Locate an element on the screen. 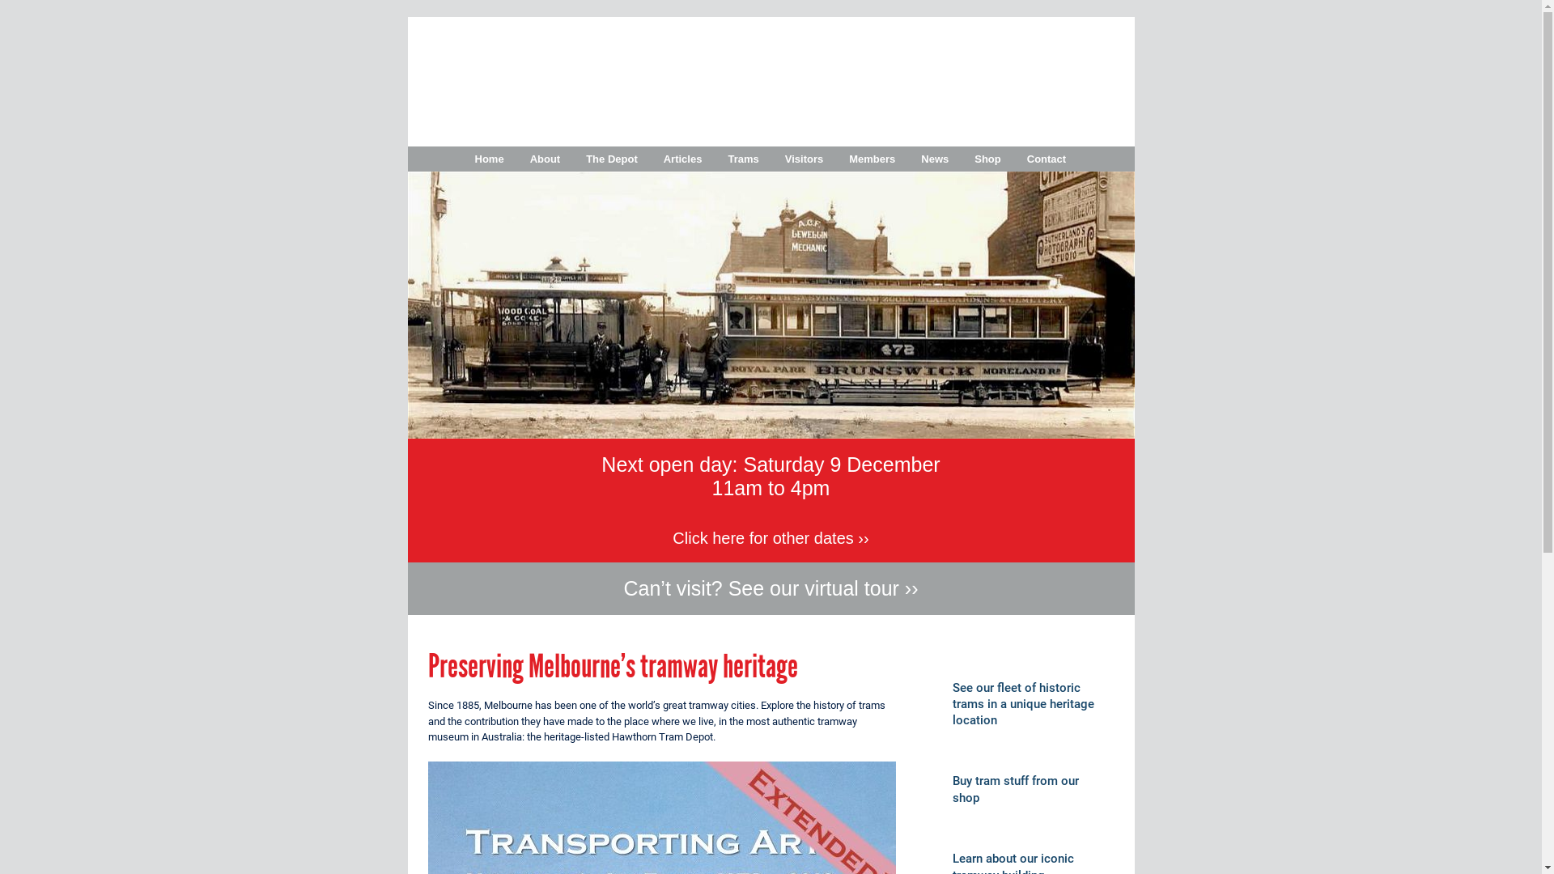 Image resolution: width=1554 pixels, height=874 pixels. 'Follow Melbourne Tram Museum on Tumblr' is located at coordinates (1530, 196).